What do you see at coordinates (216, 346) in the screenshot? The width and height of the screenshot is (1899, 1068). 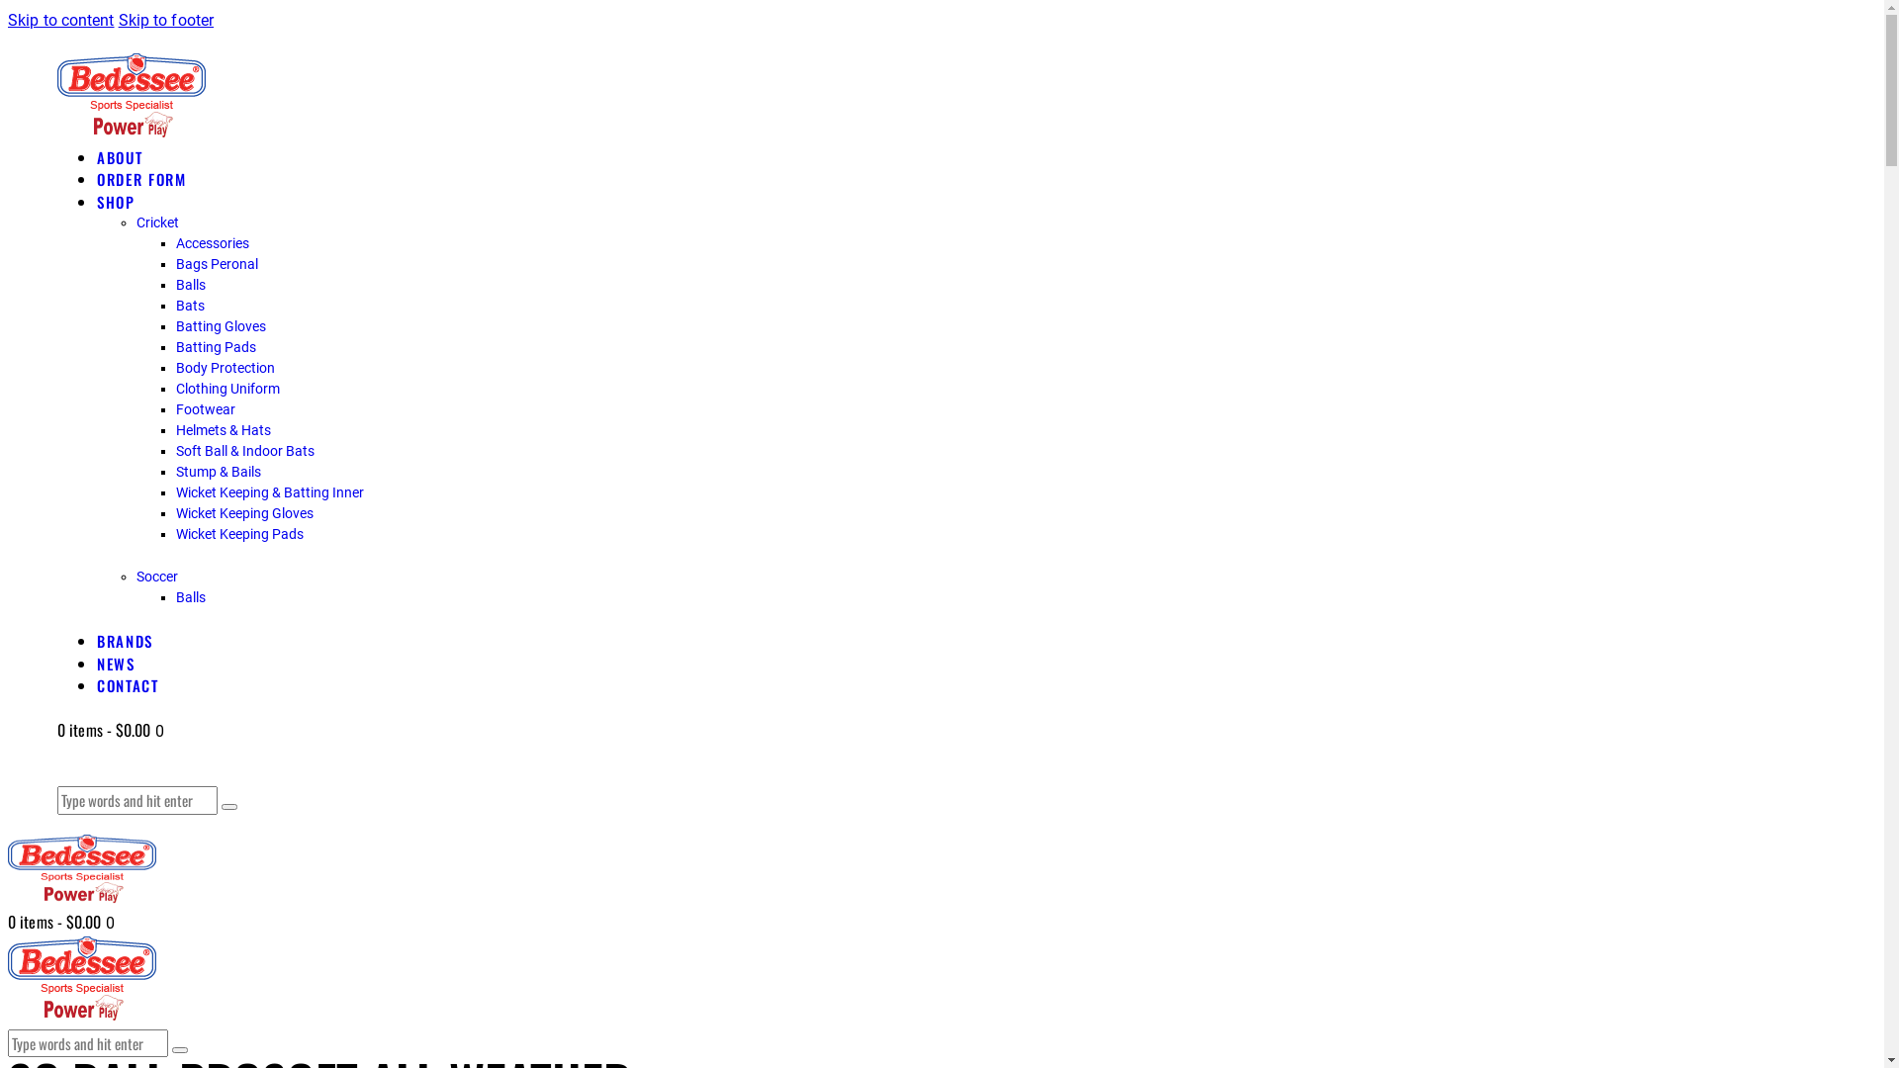 I see `'Batting Pads'` at bounding box center [216, 346].